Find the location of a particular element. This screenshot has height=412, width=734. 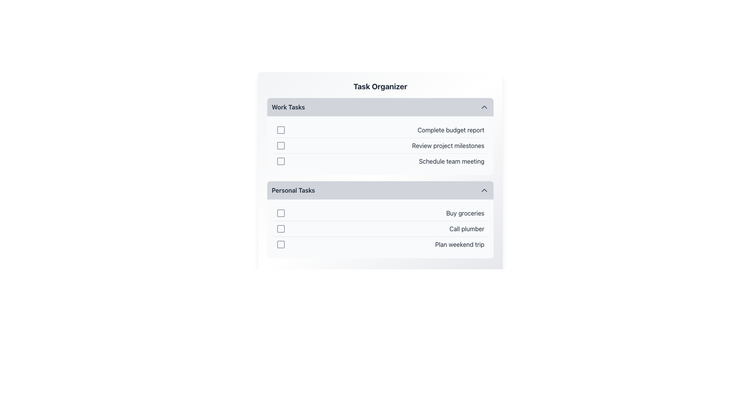

the 'Plan weekend trip' checklist item row is located at coordinates (380, 244).